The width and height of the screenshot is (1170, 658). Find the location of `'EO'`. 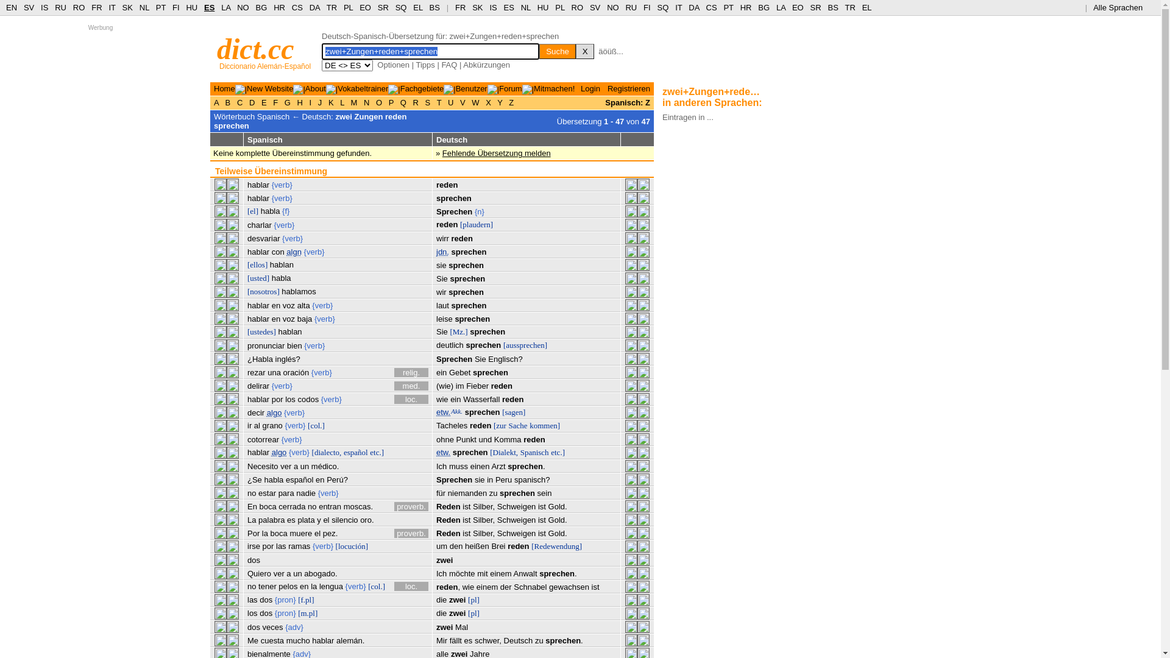

'EO' is located at coordinates (364, 7).